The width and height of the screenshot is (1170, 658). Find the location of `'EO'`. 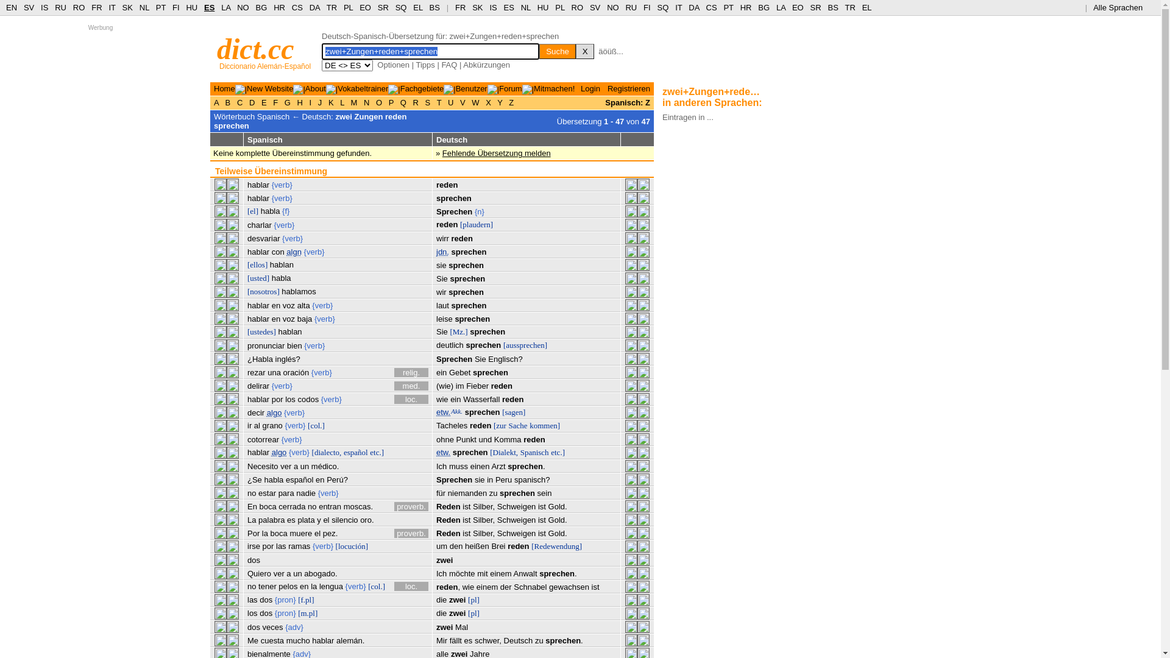

'EO' is located at coordinates (364, 7).